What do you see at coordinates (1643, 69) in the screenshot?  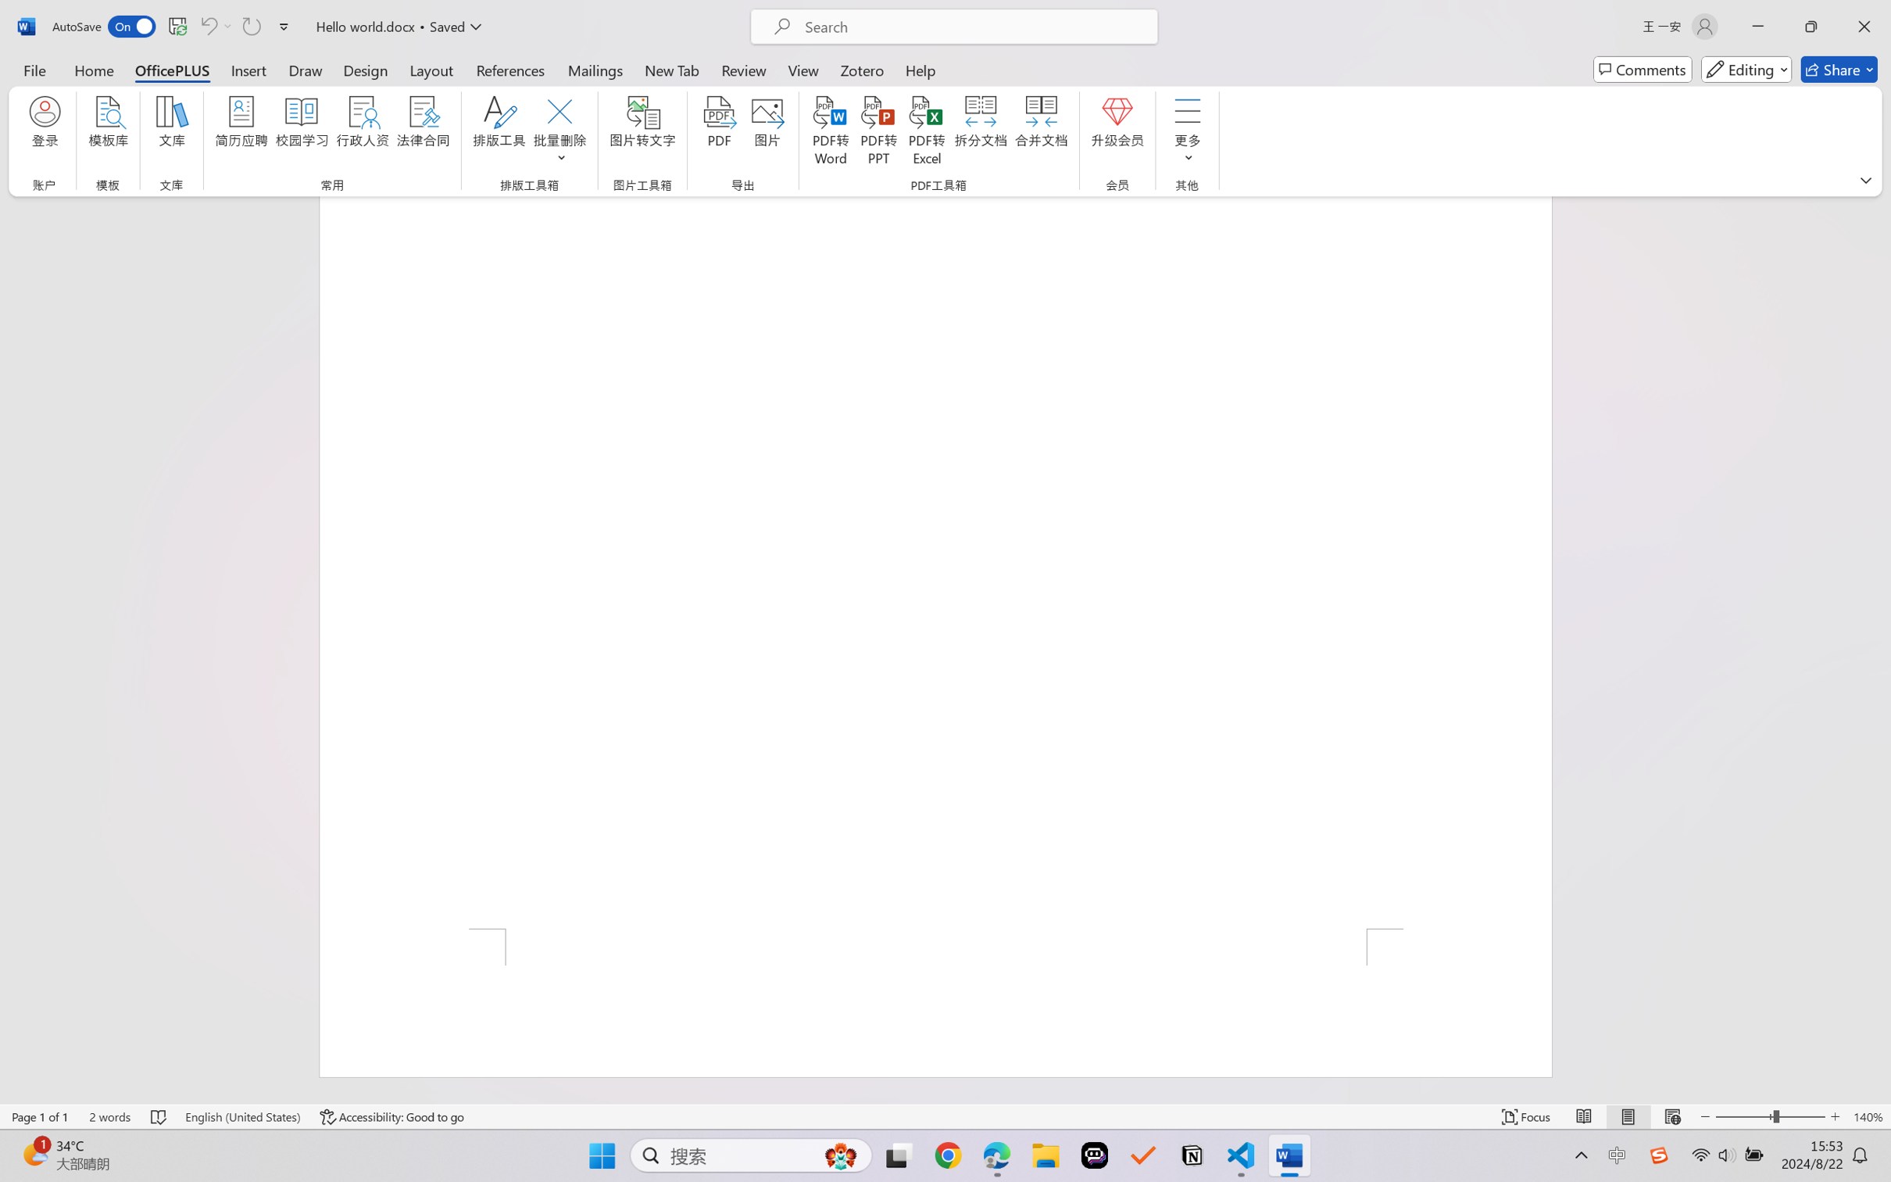 I see `'Comments'` at bounding box center [1643, 69].